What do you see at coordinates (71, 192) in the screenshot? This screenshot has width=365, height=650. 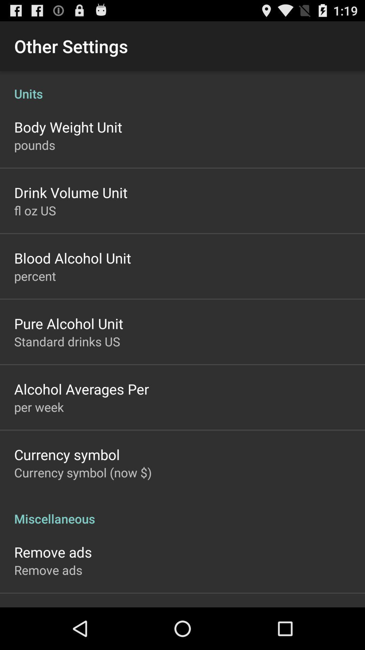 I see `app above the fl oz us icon` at bounding box center [71, 192].